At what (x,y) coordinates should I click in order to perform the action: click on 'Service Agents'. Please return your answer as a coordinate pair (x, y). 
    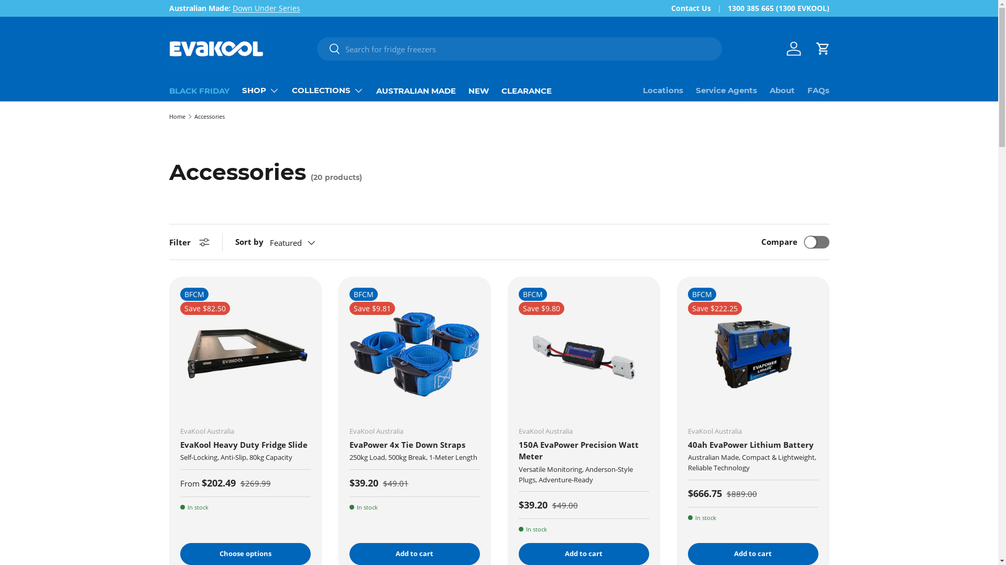
    Looking at the image, I should click on (726, 90).